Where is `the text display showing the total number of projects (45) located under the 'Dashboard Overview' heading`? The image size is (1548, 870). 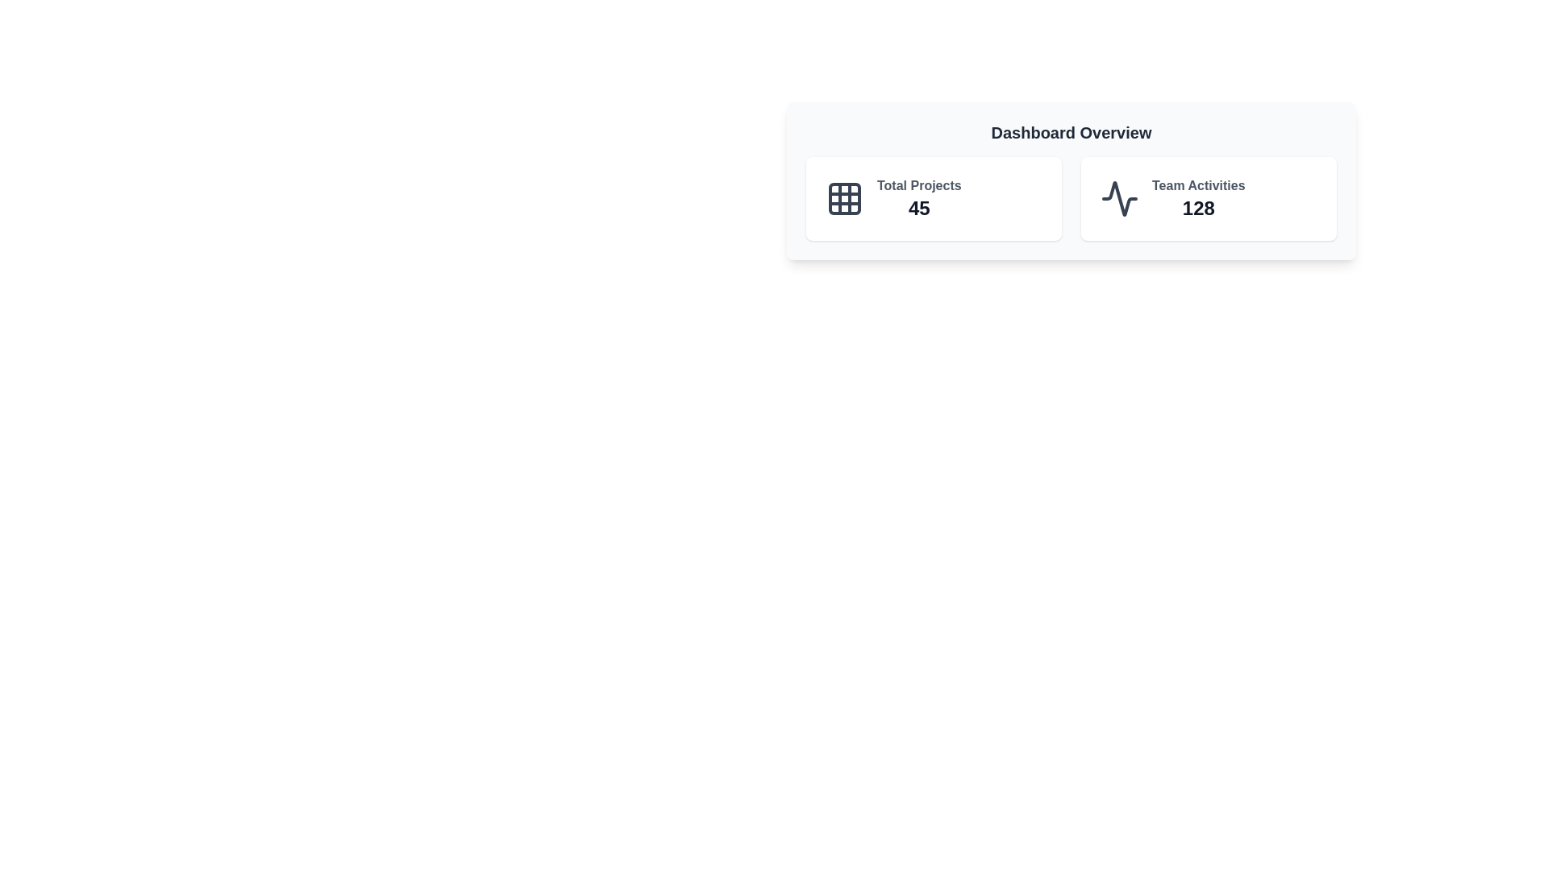
the text display showing the total number of projects (45) located under the 'Dashboard Overview' heading is located at coordinates (919, 207).